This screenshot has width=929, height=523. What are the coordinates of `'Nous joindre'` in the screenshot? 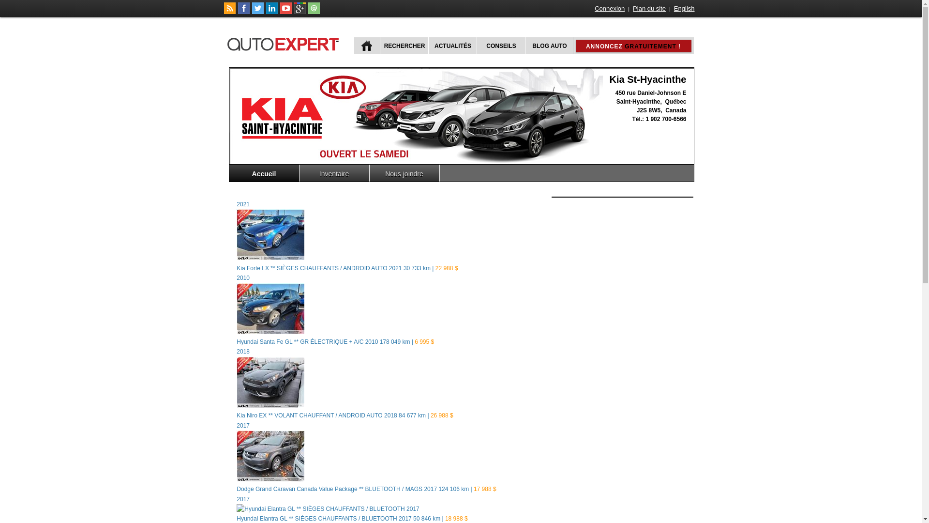 It's located at (405, 172).